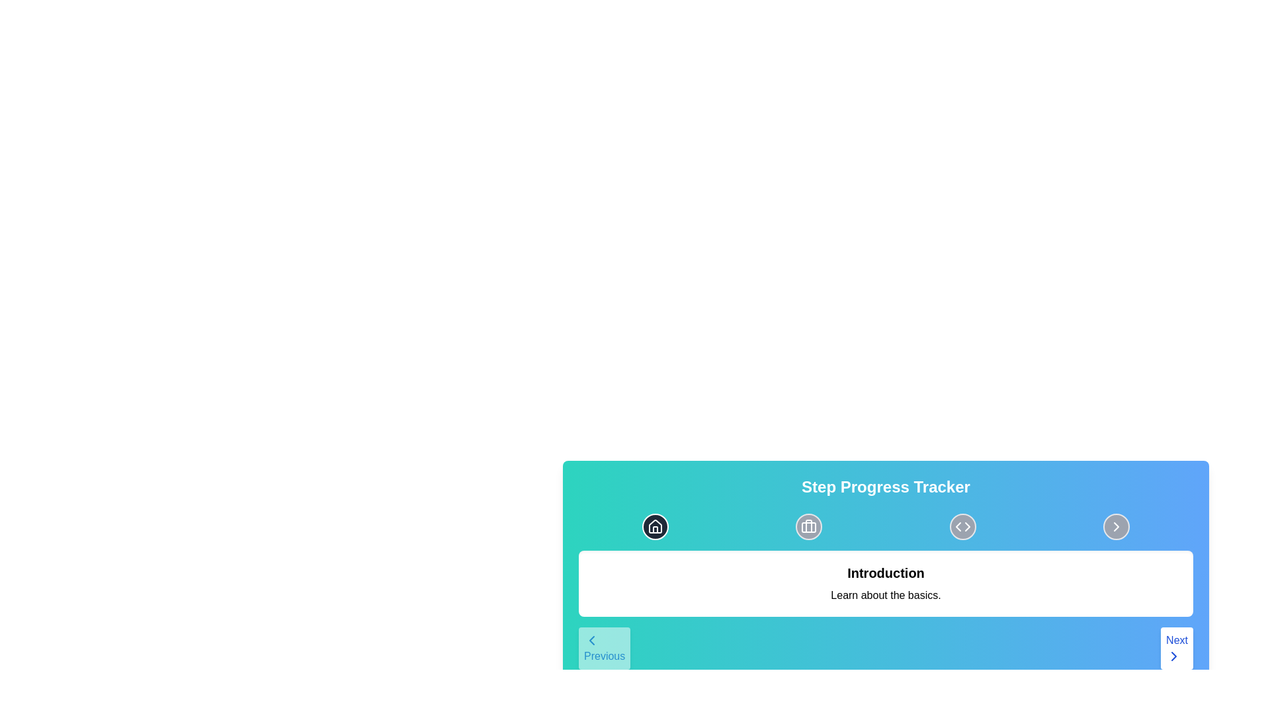  I want to click on the chevron icon pointing left within the 'Previous' button at the bottom left of the interface, so click(591, 639).